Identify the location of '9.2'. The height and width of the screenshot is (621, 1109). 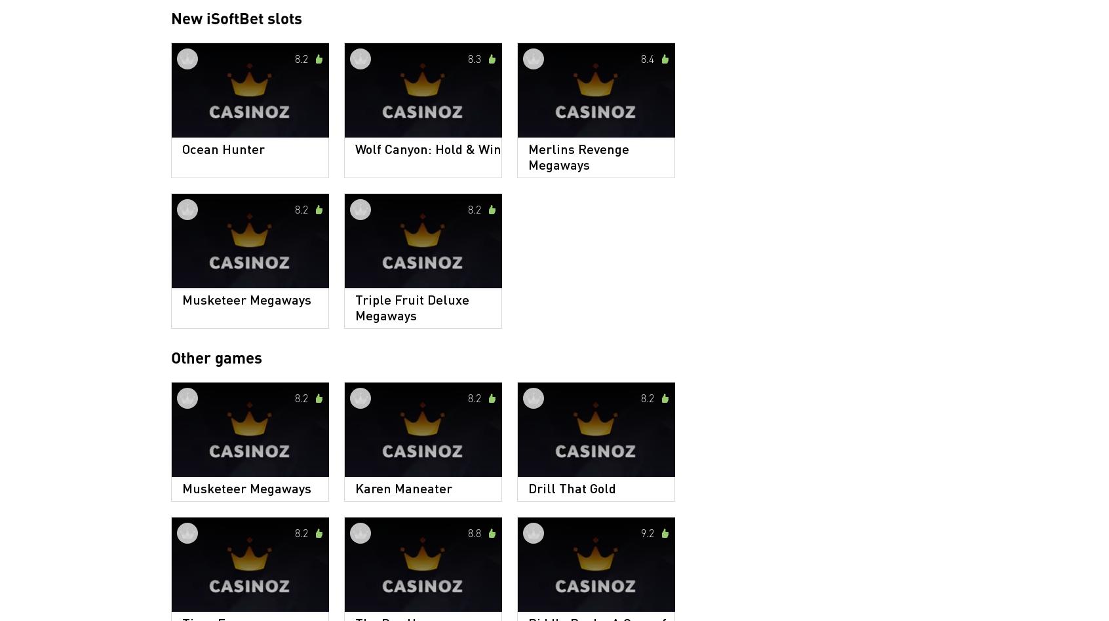
(647, 532).